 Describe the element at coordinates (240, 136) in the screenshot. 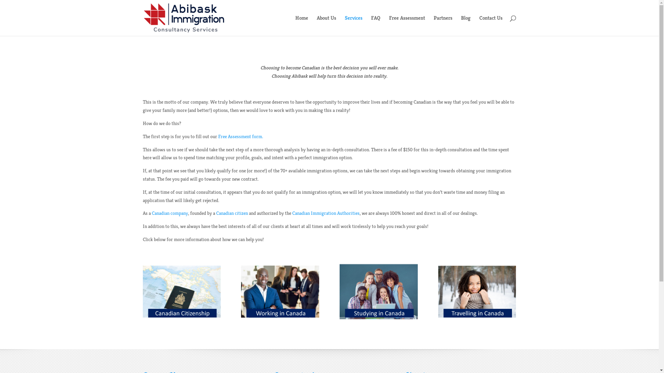

I see `'Free Assessment form.'` at that location.